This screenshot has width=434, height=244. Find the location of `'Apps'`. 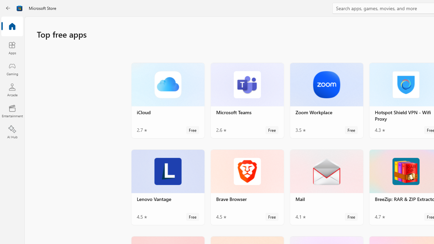

'Apps' is located at coordinates (12, 47).